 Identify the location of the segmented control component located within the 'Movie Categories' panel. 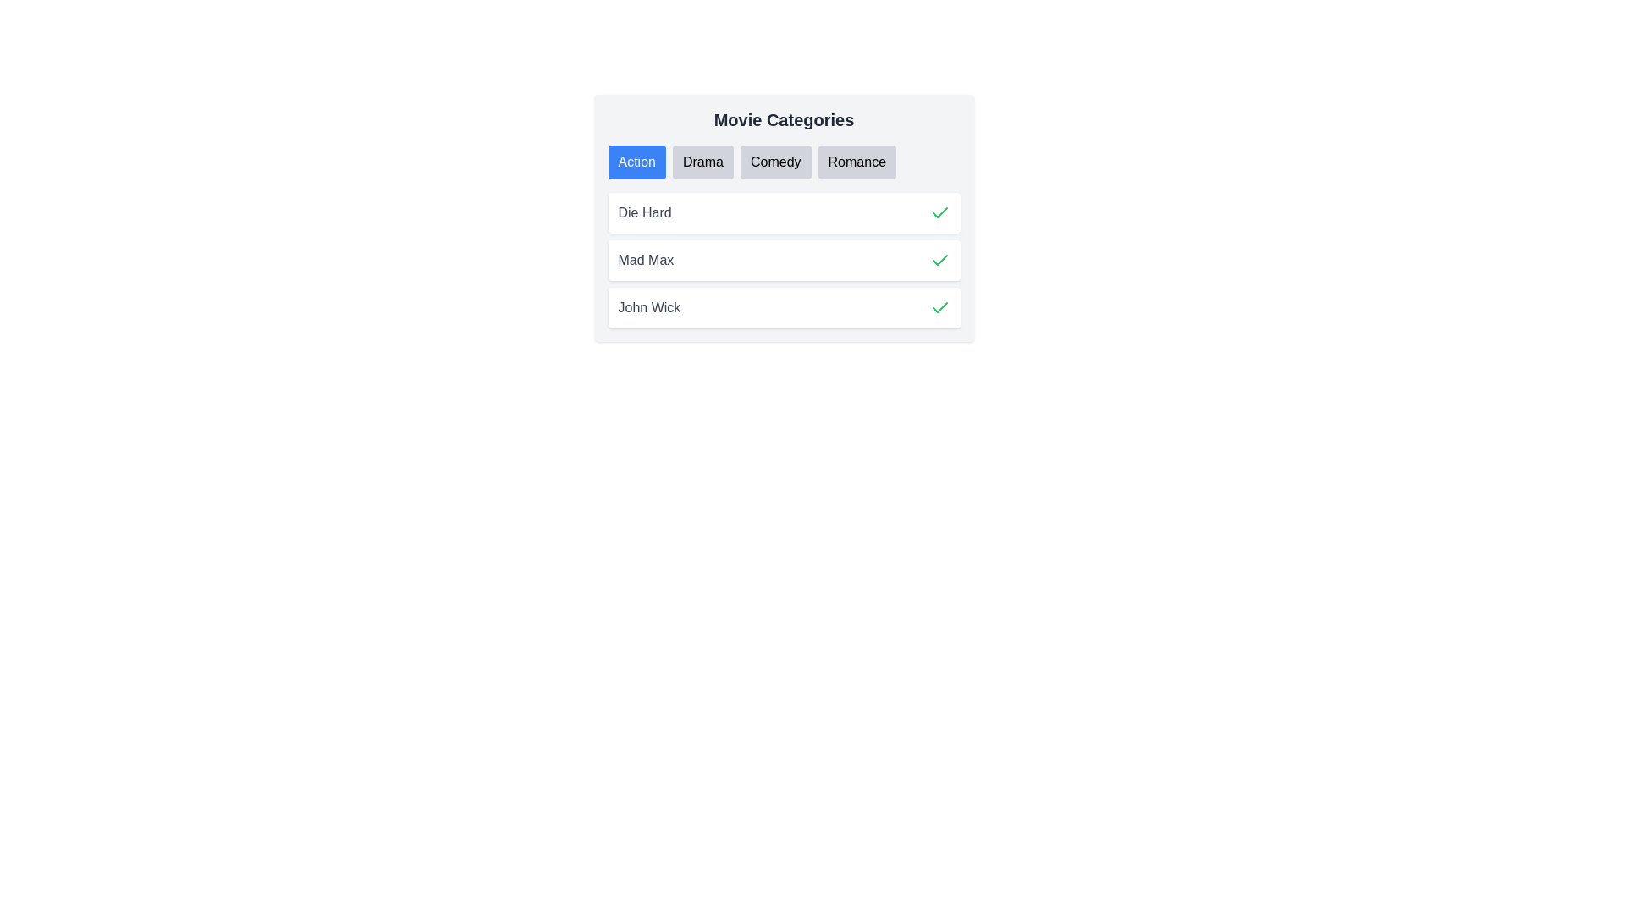
(783, 162).